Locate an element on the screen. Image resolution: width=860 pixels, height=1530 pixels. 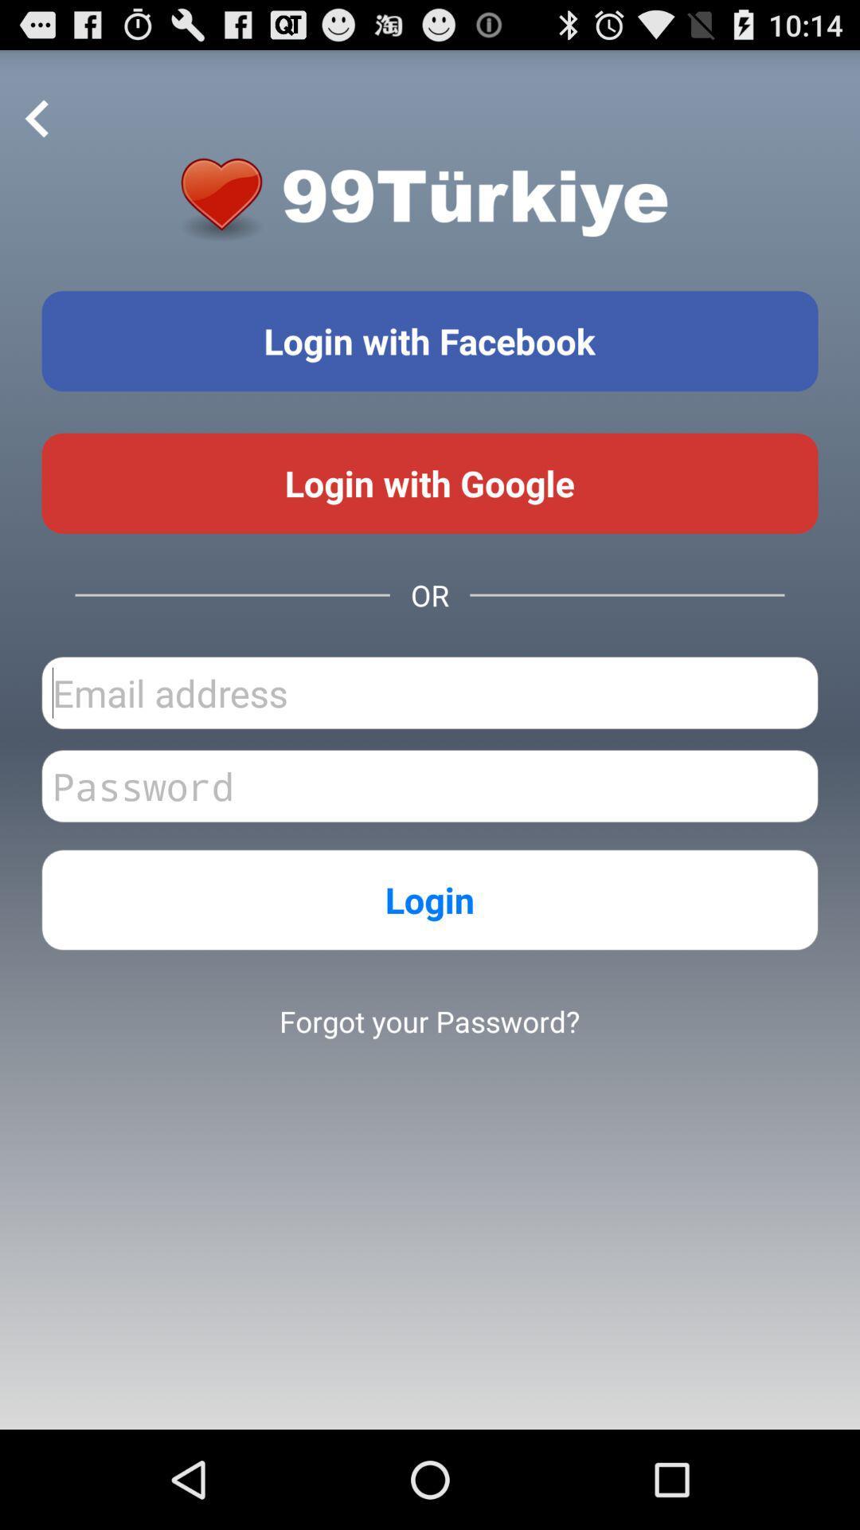
login with facebook is located at coordinates (430, 340).